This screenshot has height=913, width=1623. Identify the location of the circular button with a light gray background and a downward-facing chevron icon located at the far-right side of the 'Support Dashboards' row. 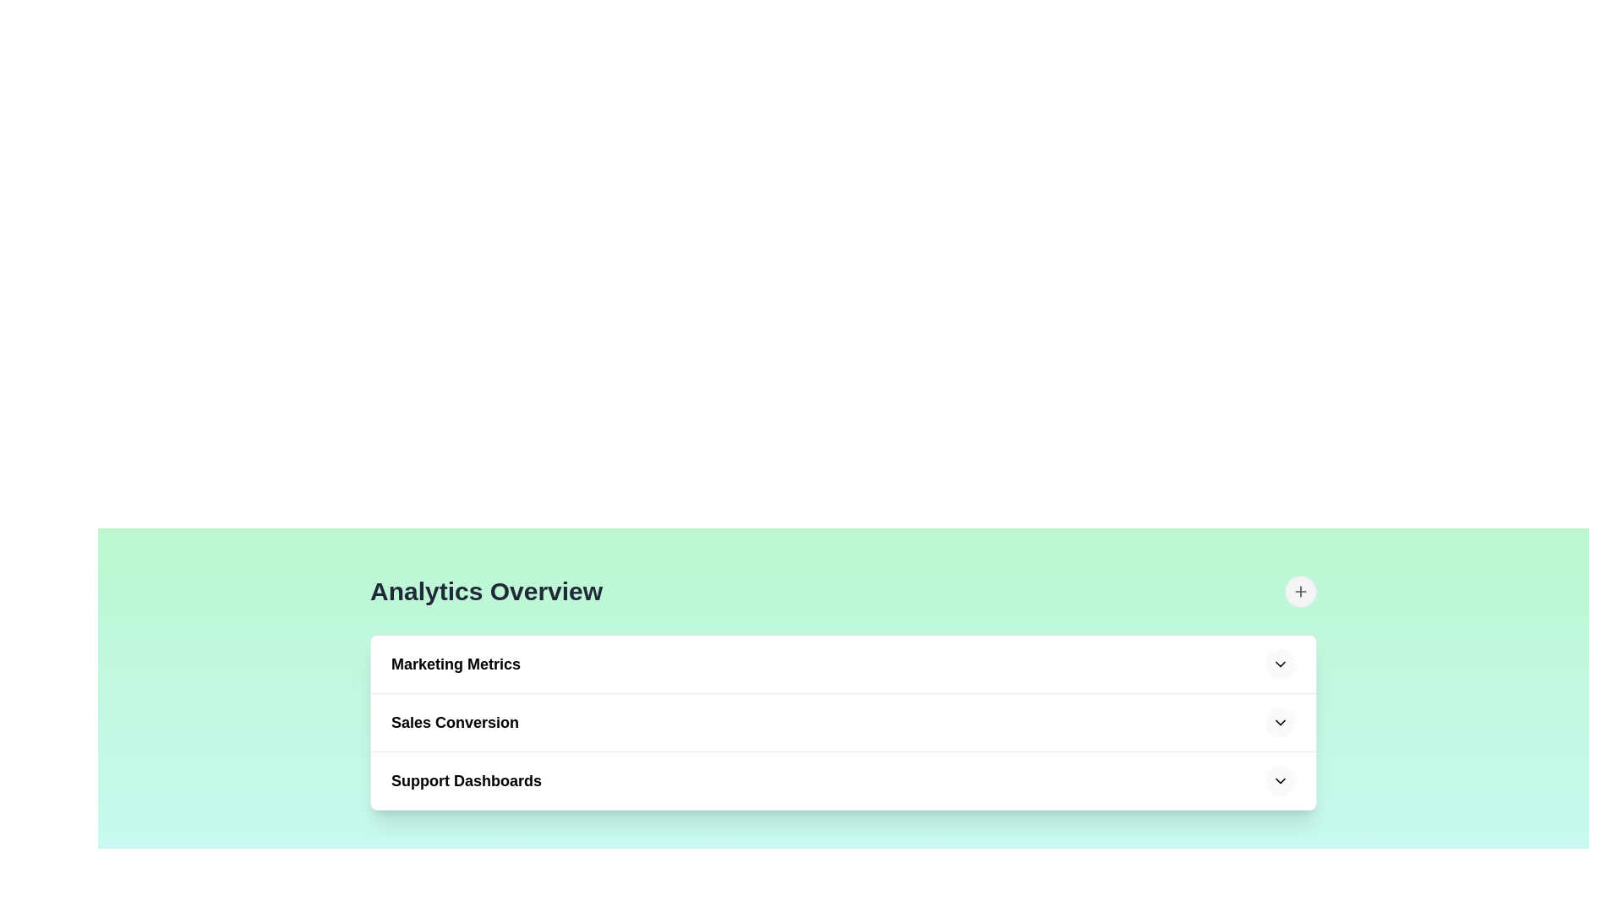
(1281, 781).